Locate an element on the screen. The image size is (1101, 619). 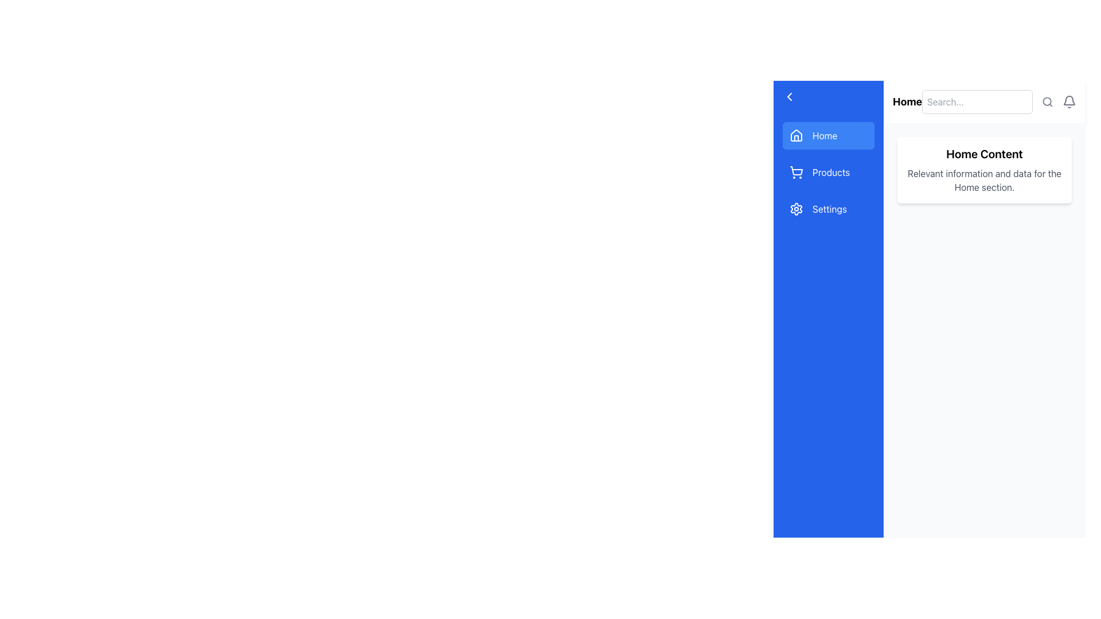
bold, large-sized text label displaying the word 'Home', which is prominently styled as a section header located on the right-hand side of the header bar is located at coordinates (907, 101).